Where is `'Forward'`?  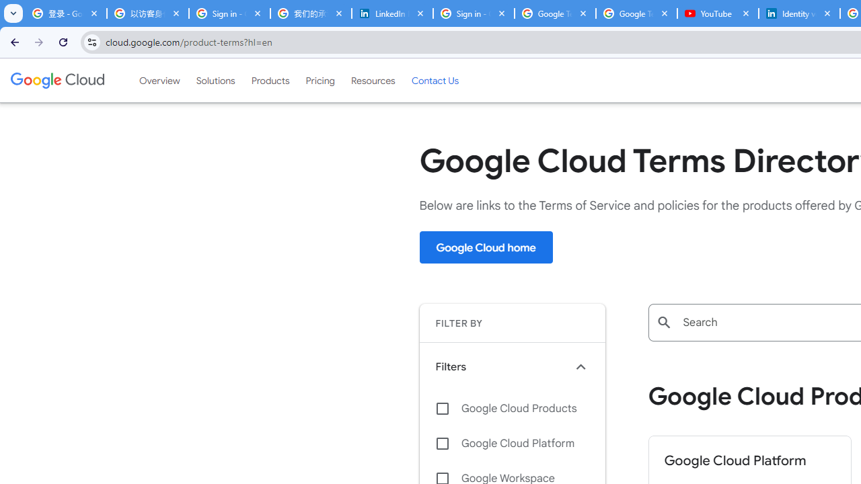 'Forward' is located at coordinates (39, 41).